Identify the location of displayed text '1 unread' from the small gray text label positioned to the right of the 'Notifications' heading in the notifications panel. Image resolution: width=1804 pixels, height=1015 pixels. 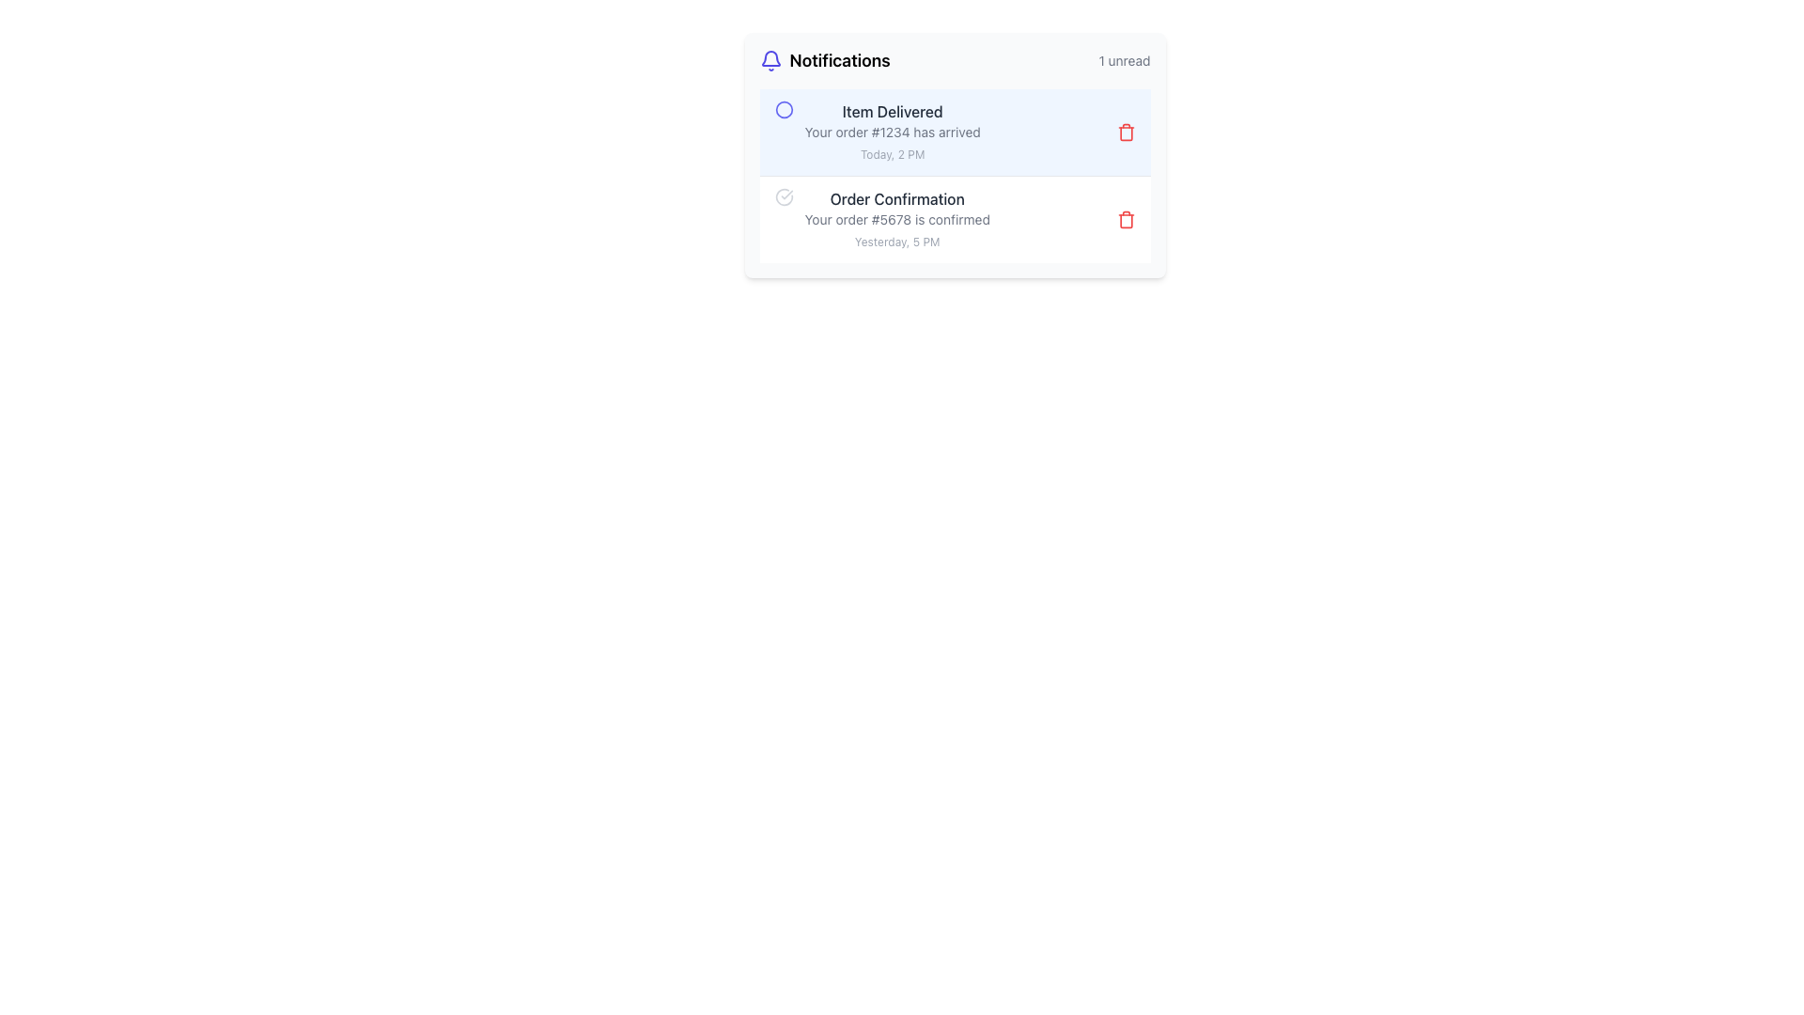
(1124, 60).